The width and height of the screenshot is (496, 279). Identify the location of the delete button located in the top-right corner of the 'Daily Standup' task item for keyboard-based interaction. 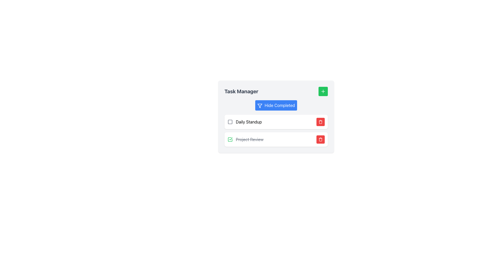
(320, 122).